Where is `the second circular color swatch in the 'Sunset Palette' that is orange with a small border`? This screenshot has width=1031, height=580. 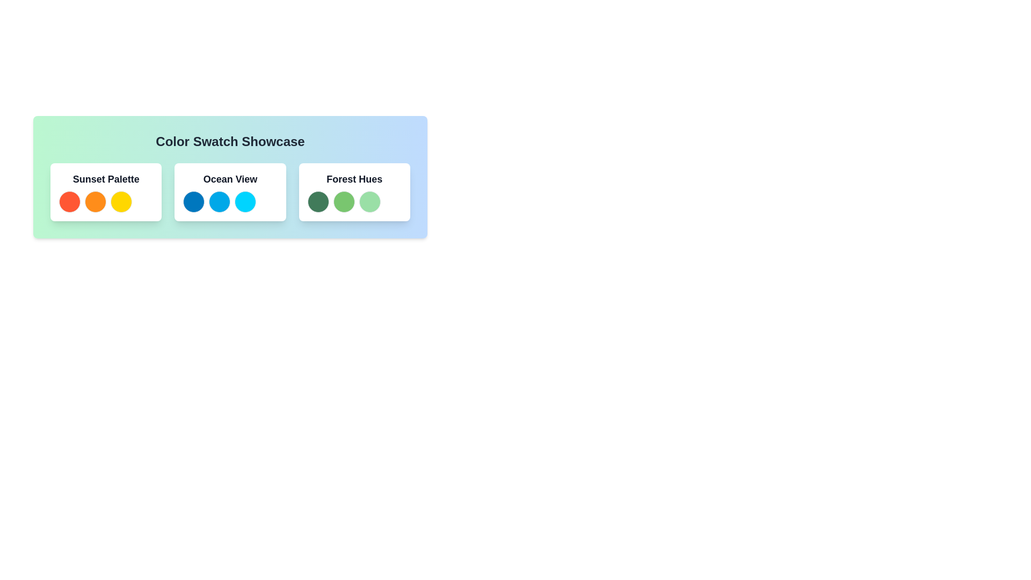
the second circular color swatch in the 'Sunset Palette' that is orange with a small border is located at coordinates (95, 201).